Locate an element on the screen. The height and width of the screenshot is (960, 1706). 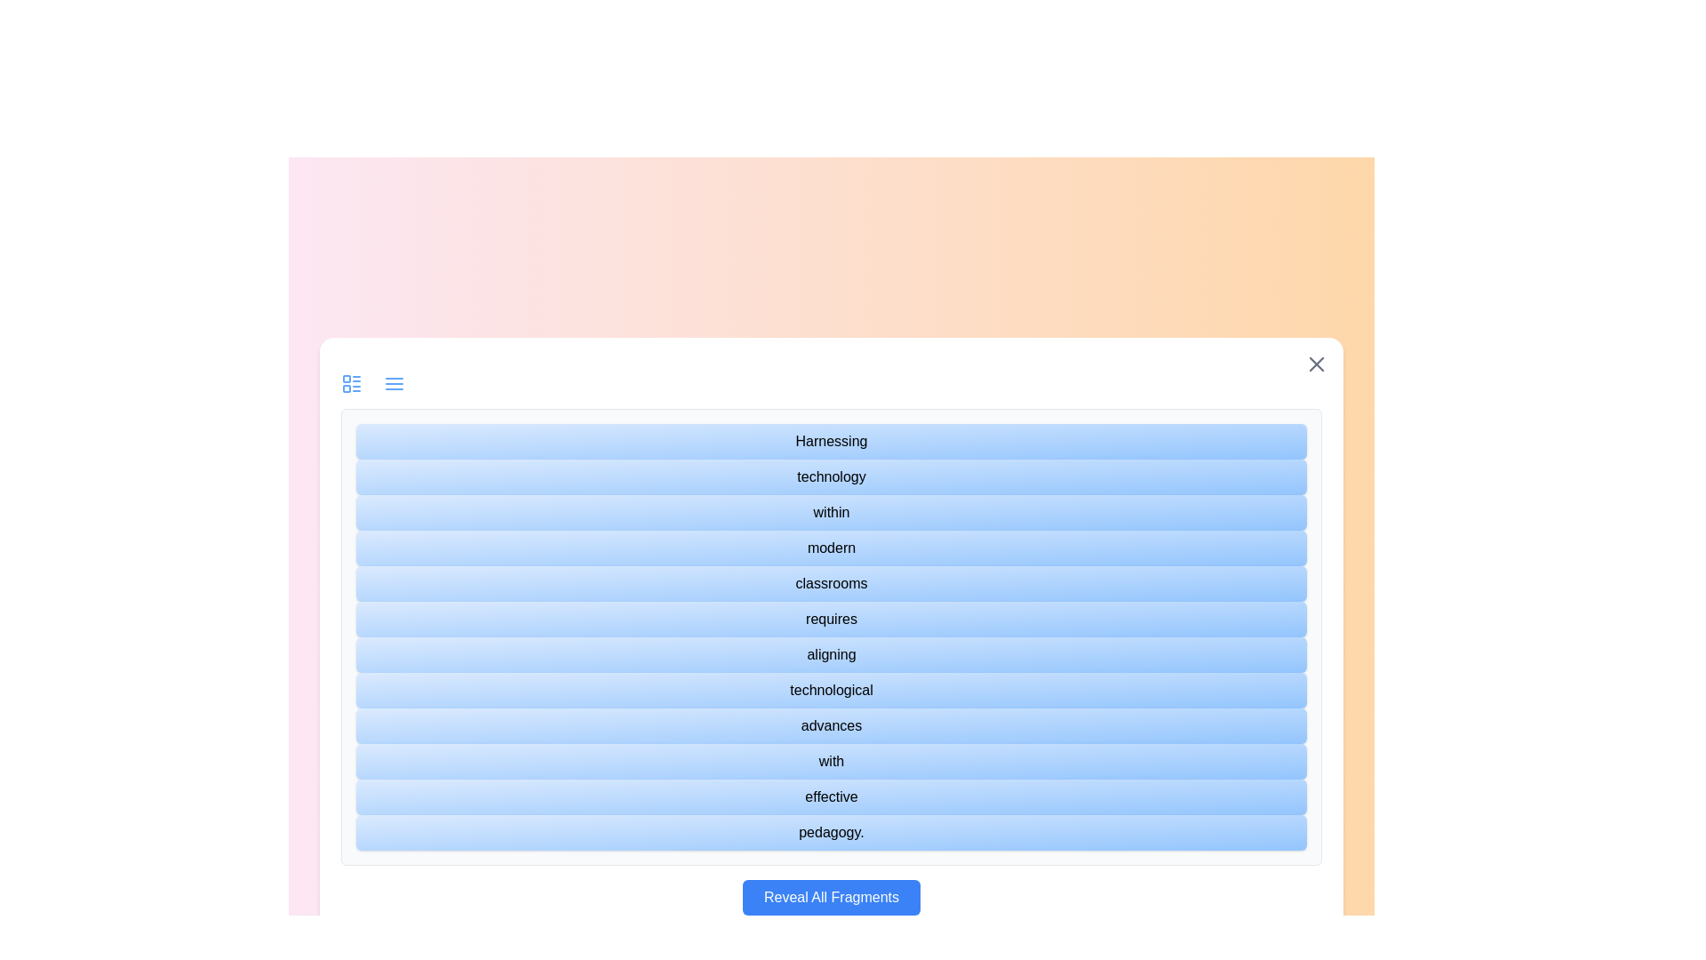
the text fragment labeled 'advances' is located at coordinates (831, 726).